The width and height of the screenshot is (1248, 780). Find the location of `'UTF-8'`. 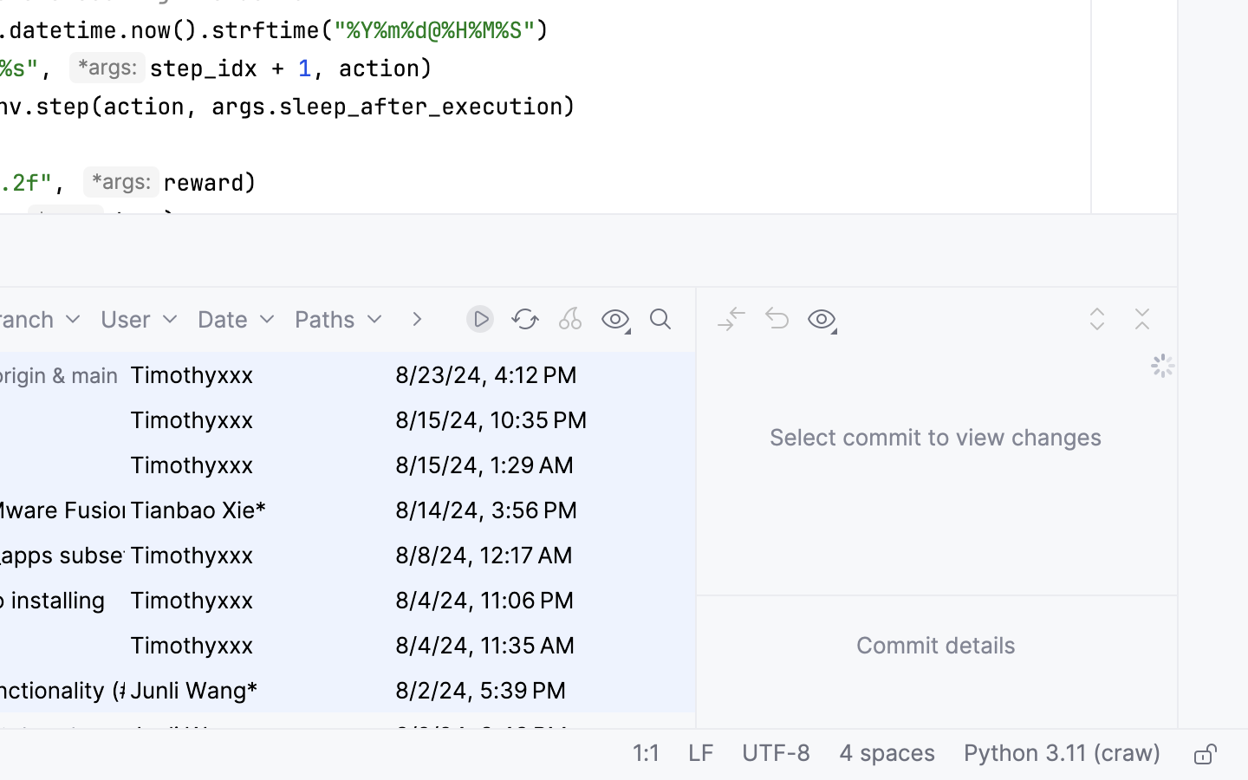

'UTF-8' is located at coordinates (775, 755).